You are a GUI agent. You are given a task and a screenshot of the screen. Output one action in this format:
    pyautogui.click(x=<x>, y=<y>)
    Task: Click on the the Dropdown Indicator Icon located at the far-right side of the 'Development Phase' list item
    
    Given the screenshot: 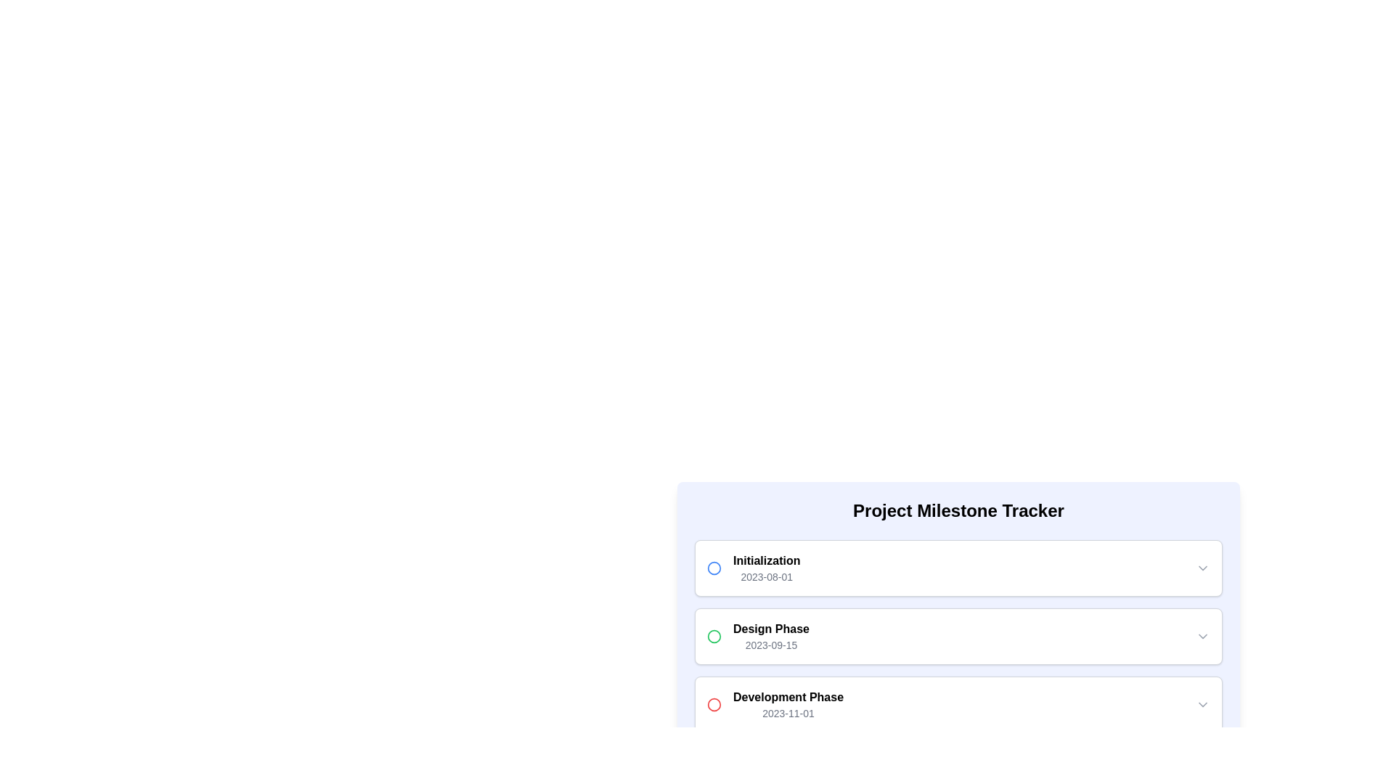 What is the action you would take?
    pyautogui.click(x=1202, y=704)
    